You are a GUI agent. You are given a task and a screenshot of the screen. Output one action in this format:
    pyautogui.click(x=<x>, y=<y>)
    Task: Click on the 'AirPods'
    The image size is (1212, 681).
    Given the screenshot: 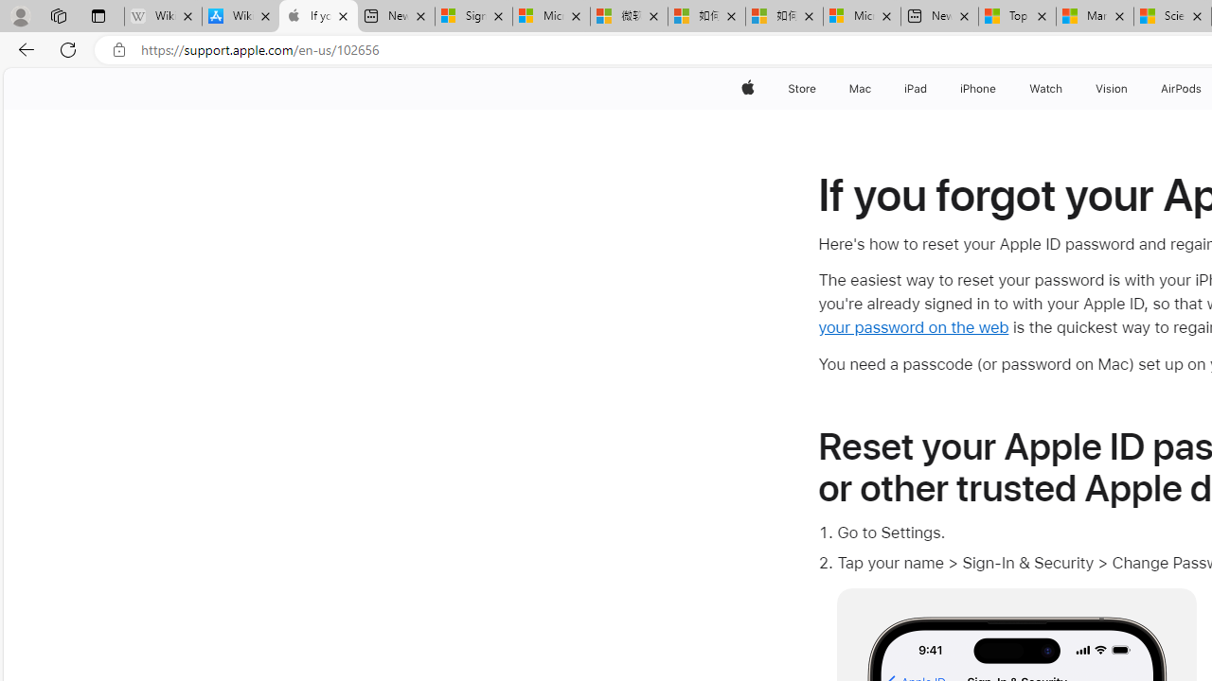 What is the action you would take?
    pyautogui.click(x=1181, y=88)
    